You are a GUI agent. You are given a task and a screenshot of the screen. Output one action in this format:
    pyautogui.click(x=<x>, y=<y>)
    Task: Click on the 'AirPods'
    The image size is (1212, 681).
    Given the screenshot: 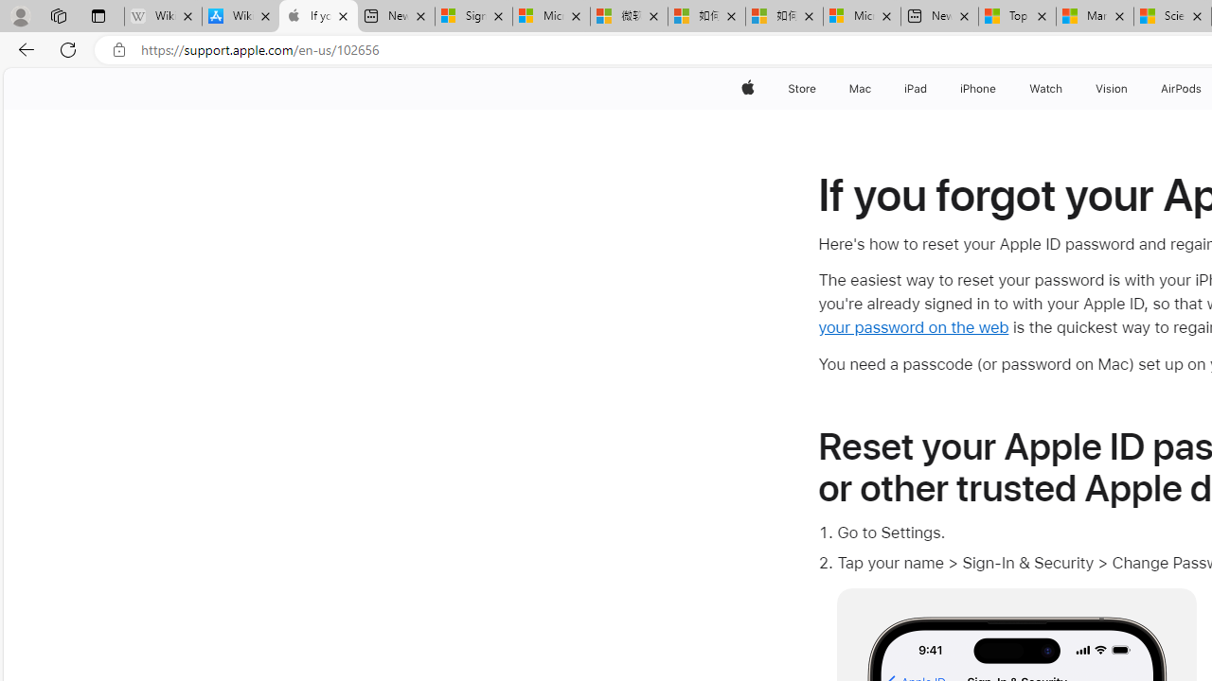 What is the action you would take?
    pyautogui.click(x=1181, y=88)
    